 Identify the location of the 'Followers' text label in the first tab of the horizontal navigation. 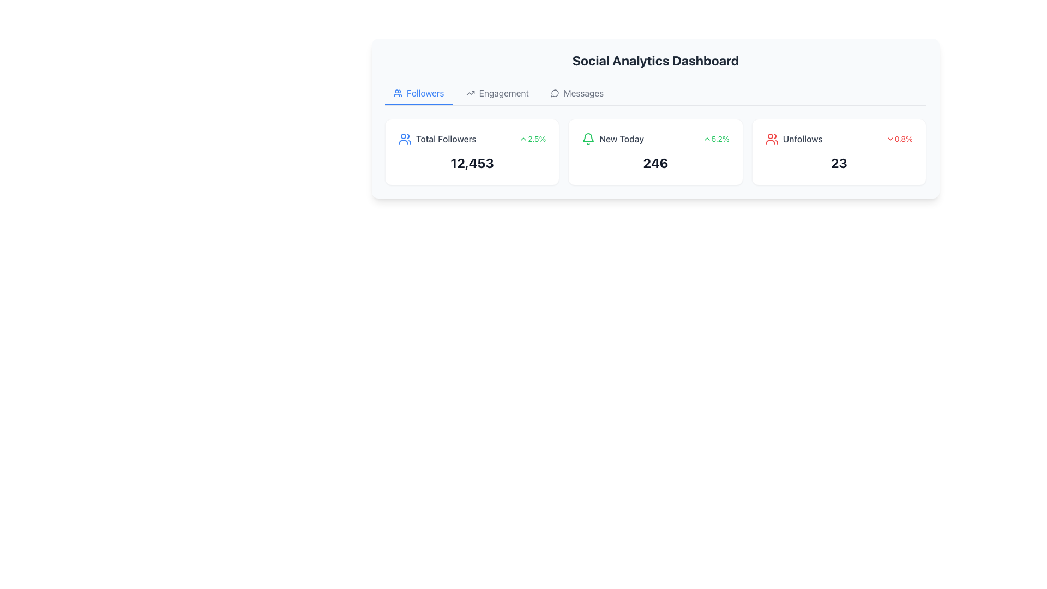
(425, 92).